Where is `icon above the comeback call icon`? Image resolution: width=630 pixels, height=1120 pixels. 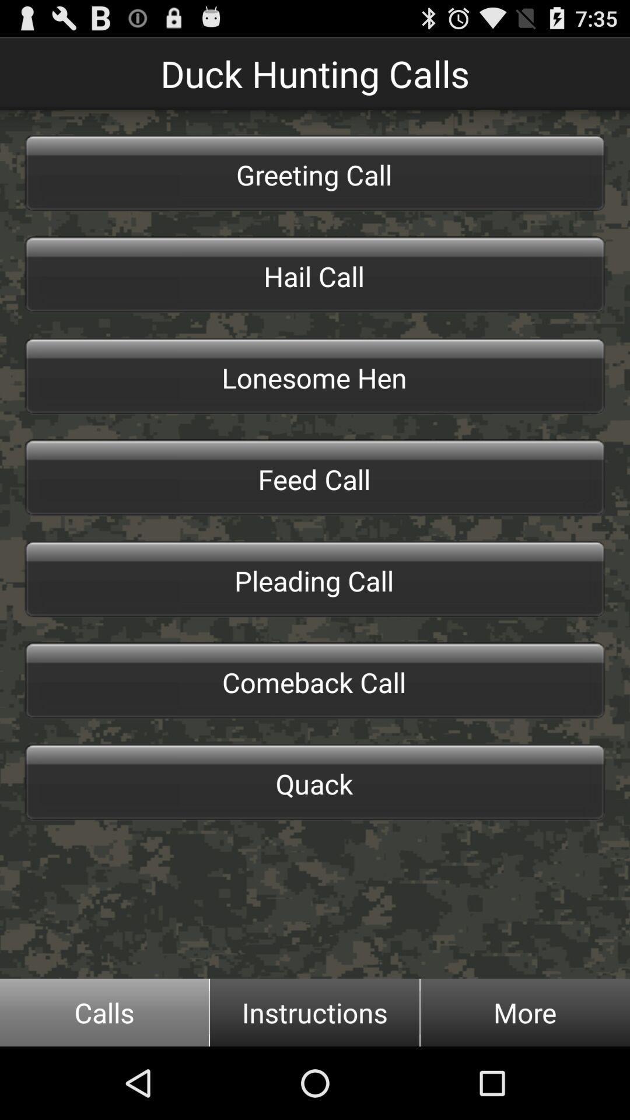
icon above the comeback call icon is located at coordinates (315, 579).